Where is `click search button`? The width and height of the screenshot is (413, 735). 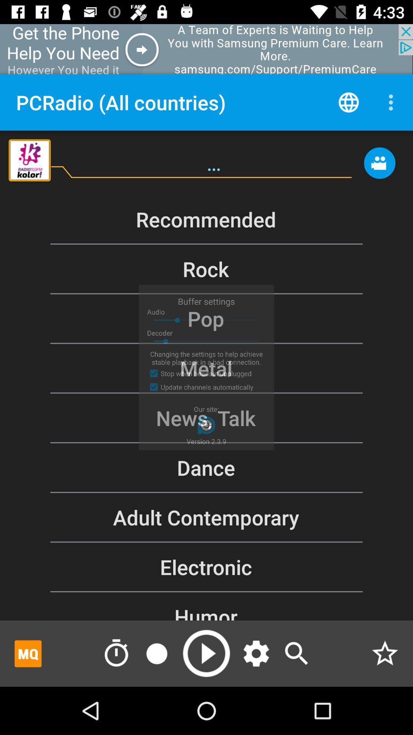
click search button is located at coordinates (296, 653).